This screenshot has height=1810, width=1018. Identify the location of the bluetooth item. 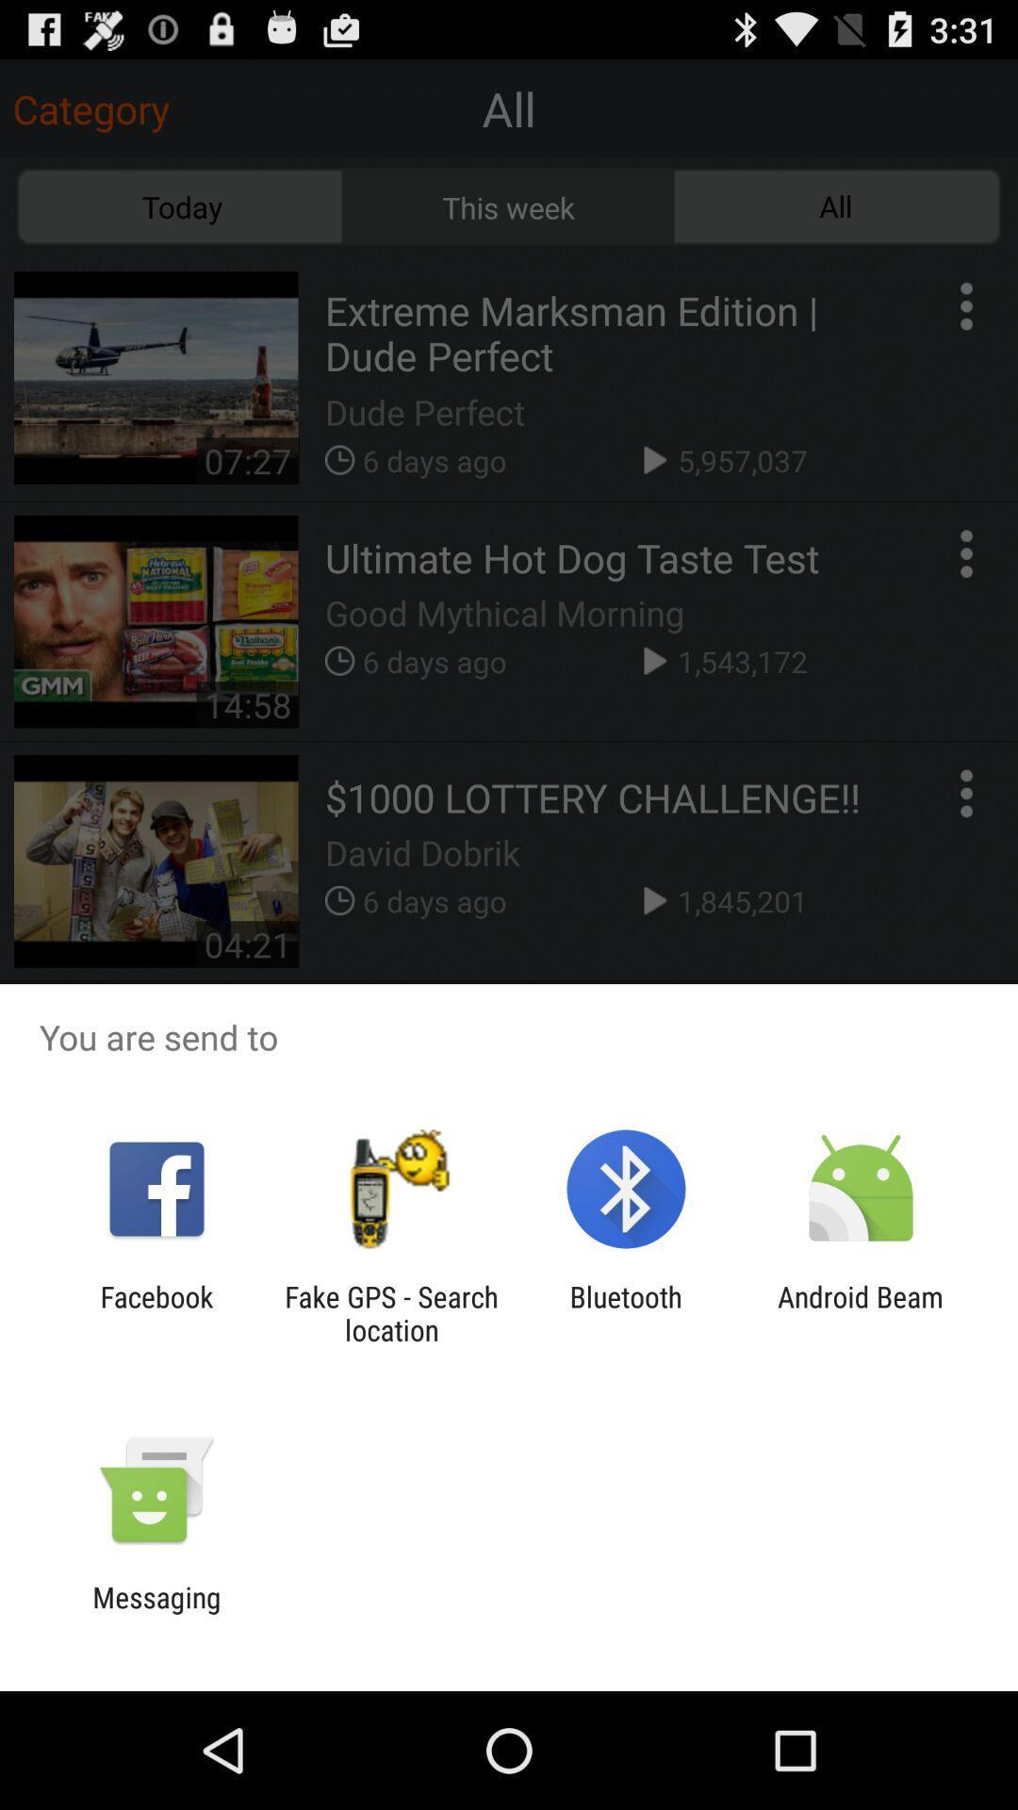
(626, 1312).